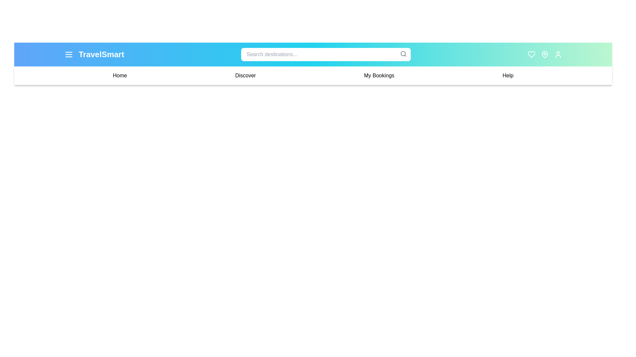 Image resolution: width=636 pixels, height=357 pixels. What do you see at coordinates (379, 75) in the screenshot?
I see `the navigation link My Bookings to navigate to the corresponding section` at bounding box center [379, 75].